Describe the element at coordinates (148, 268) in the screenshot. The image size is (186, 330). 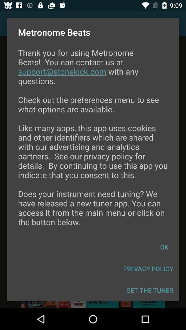
I see `item below the ok icon` at that location.